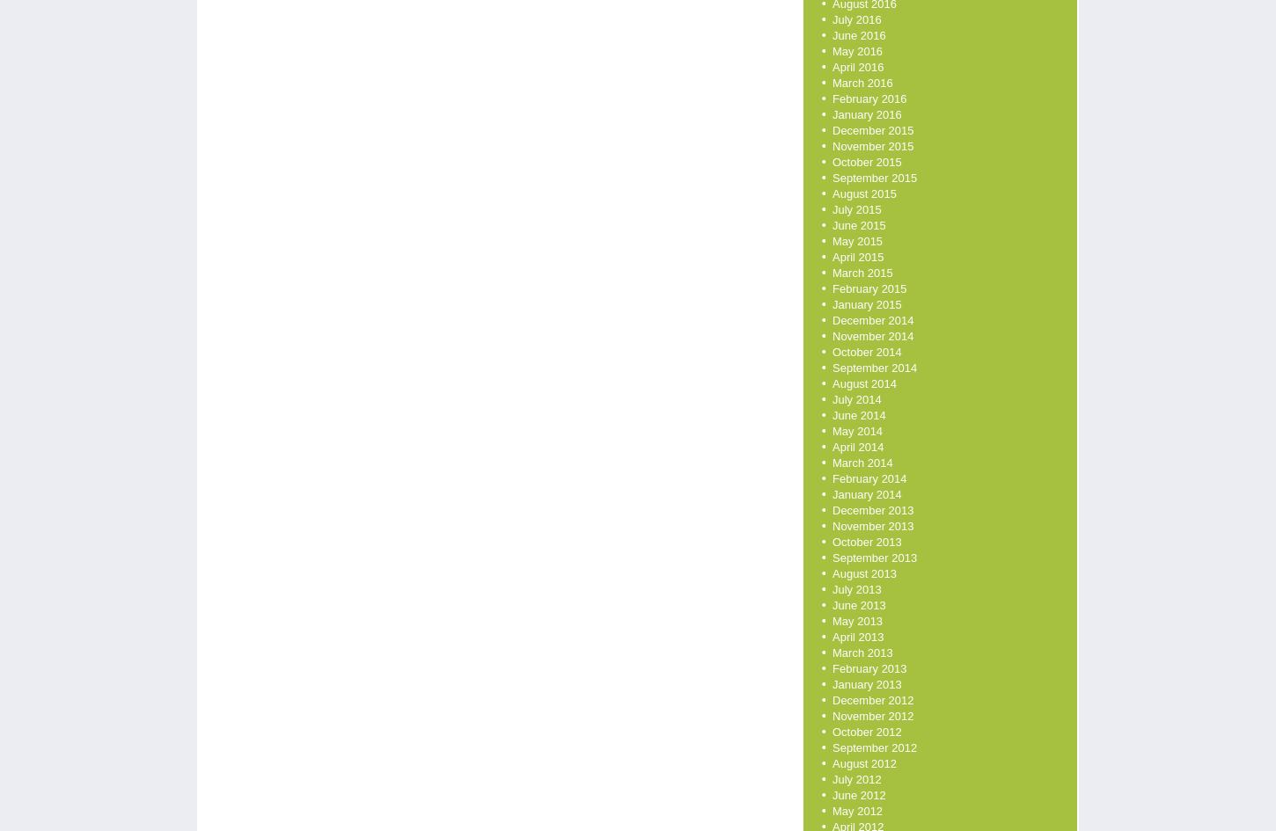 Image resolution: width=1276 pixels, height=831 pixels. Describe the element at coordinates (831, 810) in the screenshot. I see `'May 2012'` at that location.